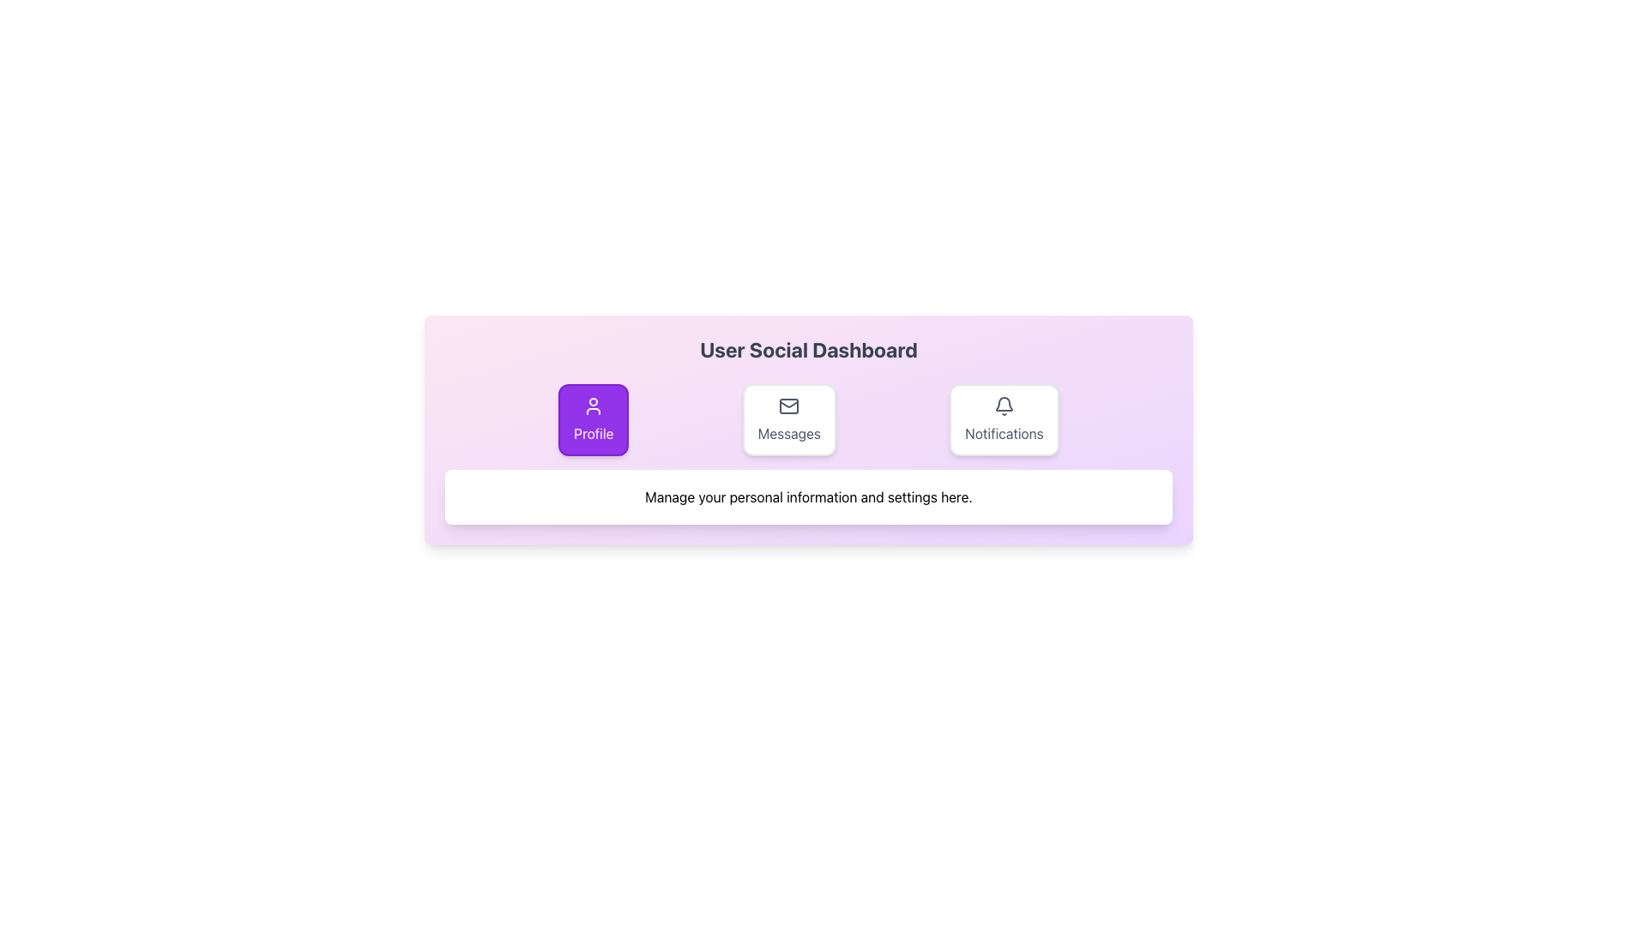 This screenshot has height=926, width=1647. What do you see at coordinates (788, 406) in the screenshot?
I see `the graphical component that indicates the envelope's body within the mail icon, located at the center of the mail icon in a row of three icons` at bounding box center [788, 406].